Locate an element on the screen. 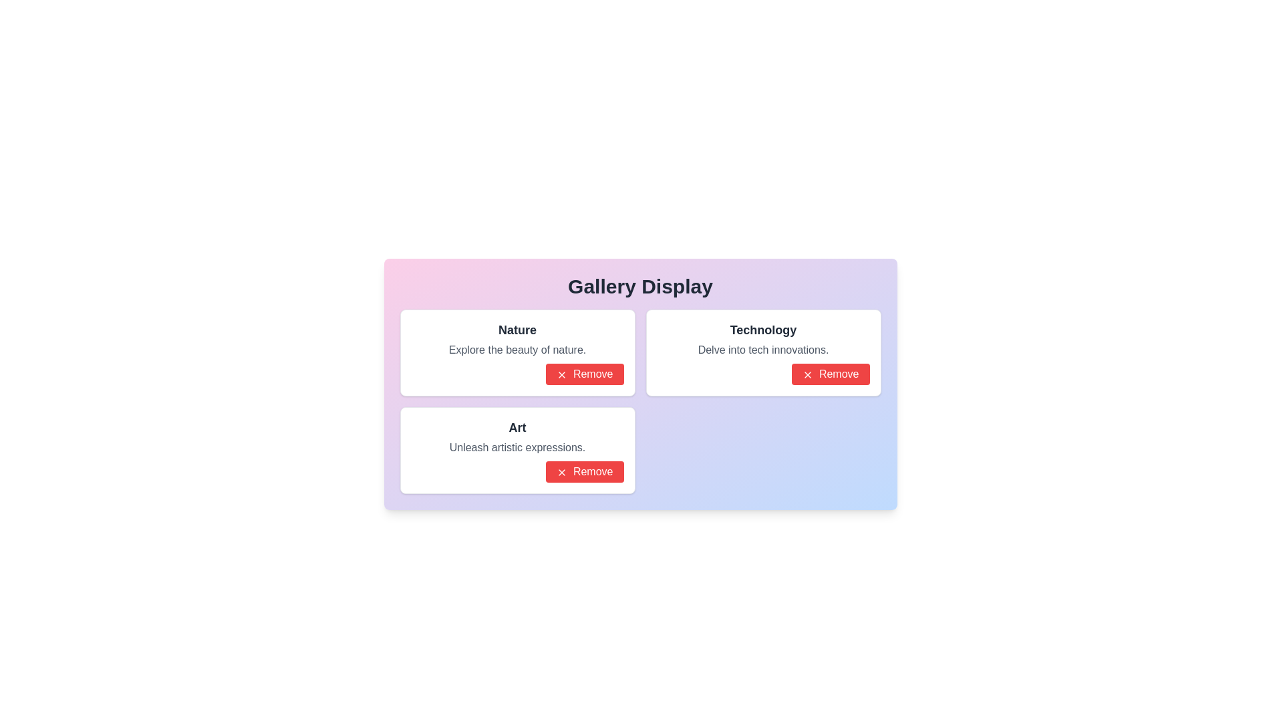 The image size is (1283, 722). the item card labeled 'Technology' to highlight it is located at coordinates (763, 352).